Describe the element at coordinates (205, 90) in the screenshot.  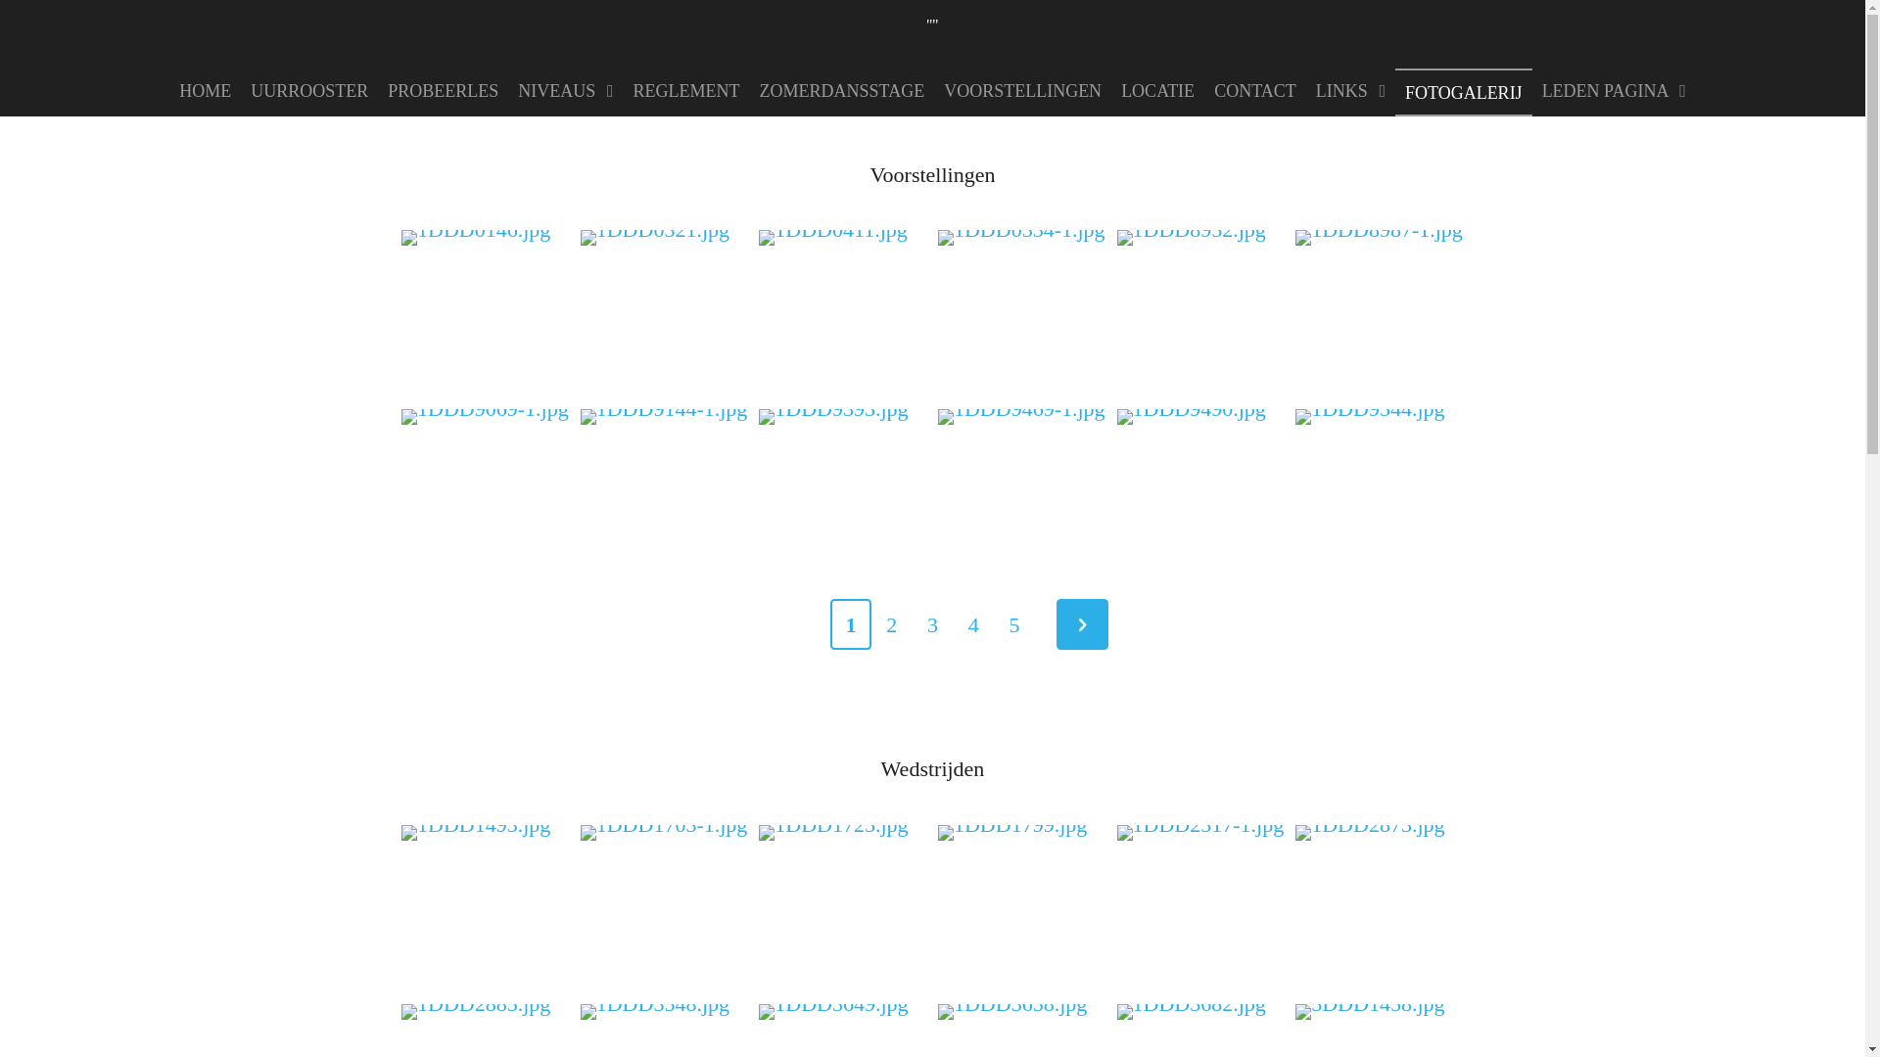
I see `'HOME'` at that location.